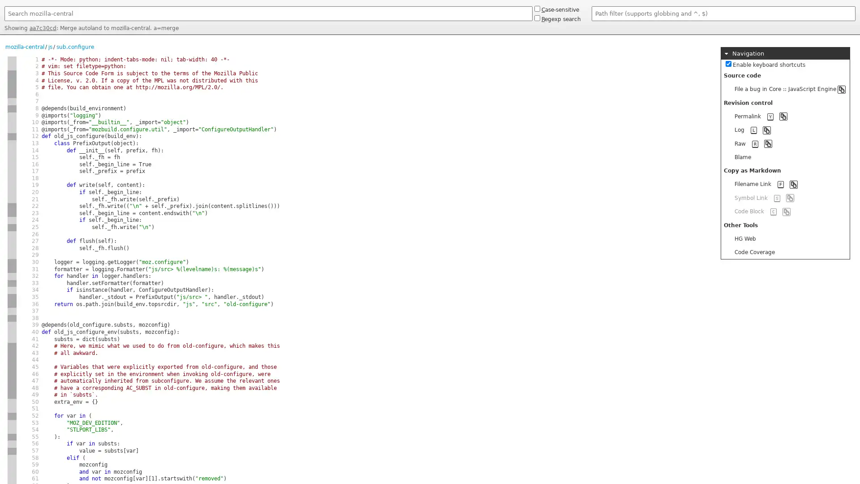 The width and height of the screenshot is (860, 484). I want to click on same hash 2, so click(12, 359).